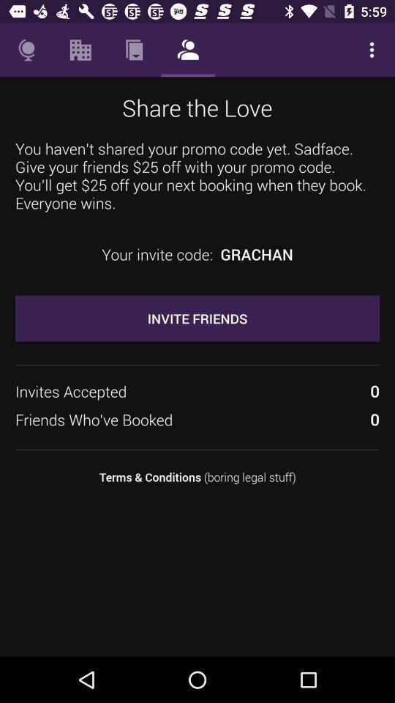 This screenshot has width=395, height=703. I want to click on the terms conditions boring, so click(197, 476).